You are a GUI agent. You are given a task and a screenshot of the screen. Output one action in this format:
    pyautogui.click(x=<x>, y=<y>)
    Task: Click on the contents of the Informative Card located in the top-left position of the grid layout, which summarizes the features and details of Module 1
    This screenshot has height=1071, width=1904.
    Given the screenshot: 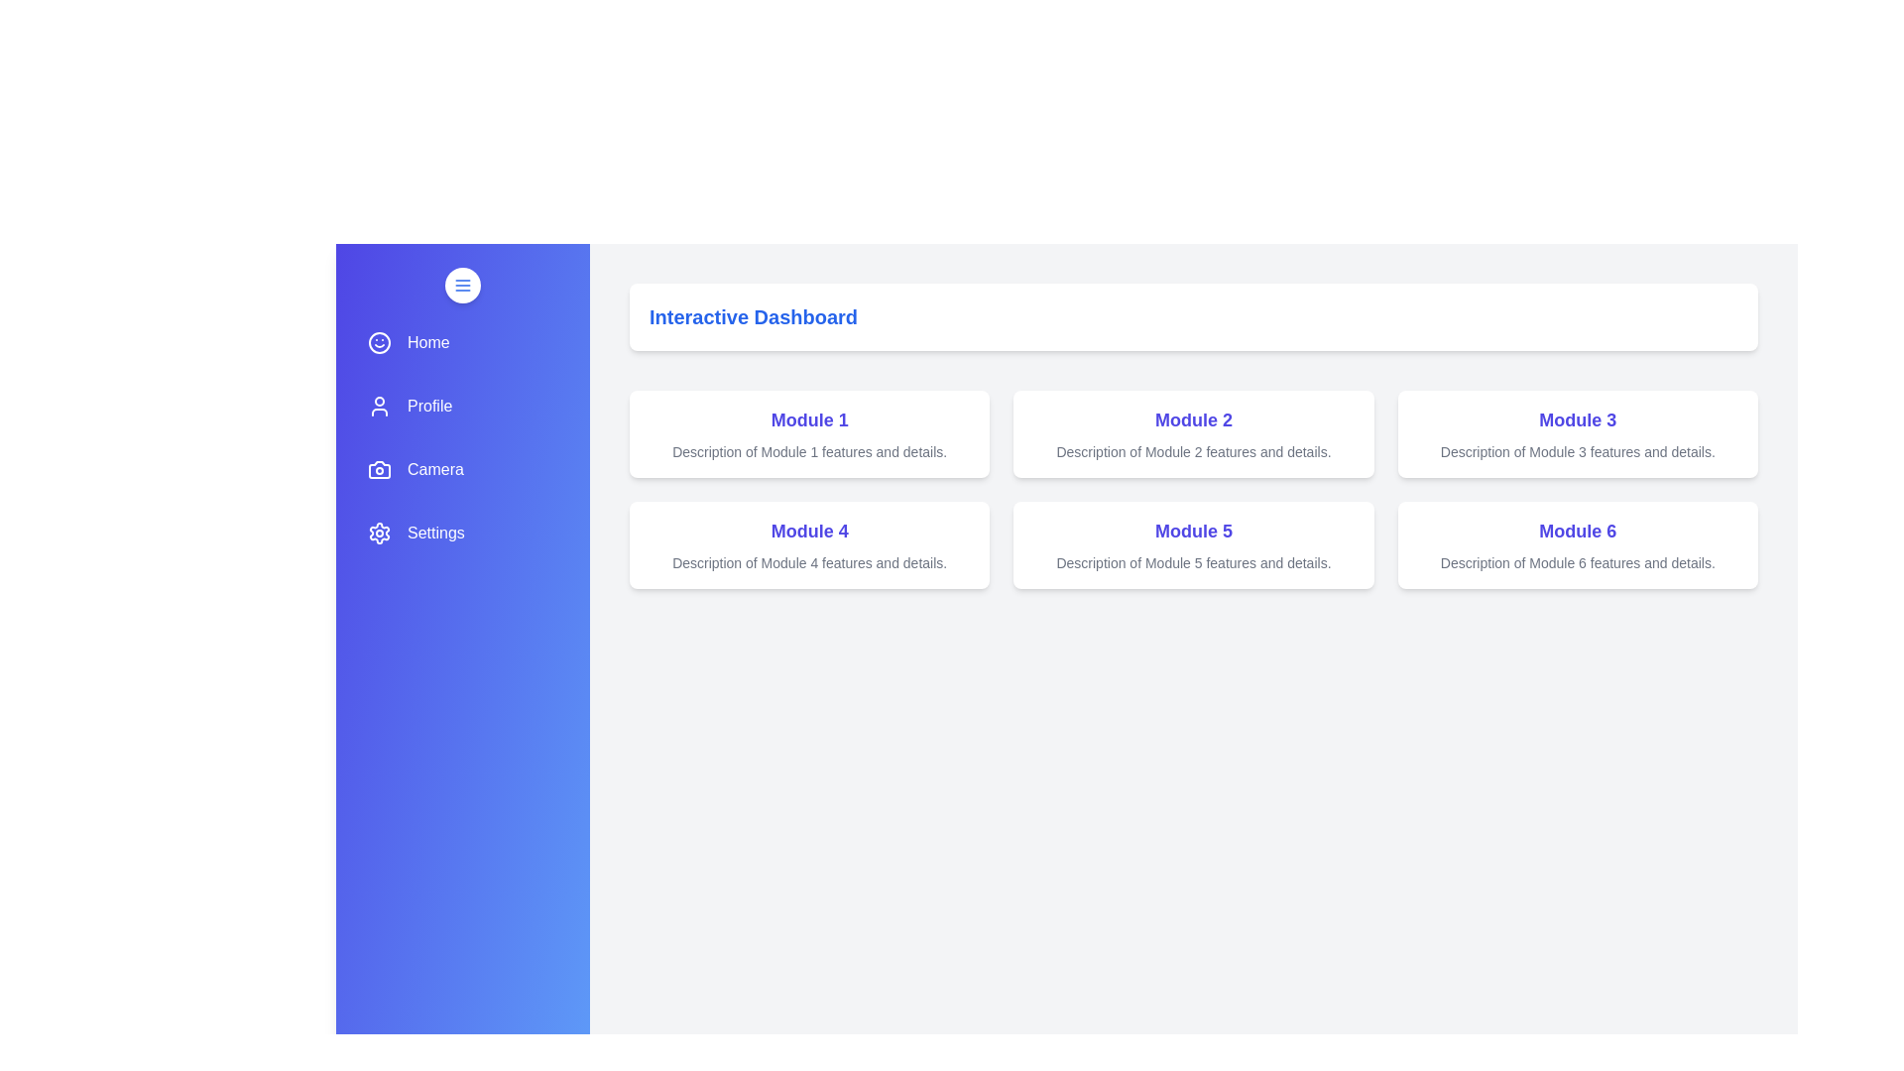 What is the action you would take?
    pyautogui.click(x=809, y=433)
    